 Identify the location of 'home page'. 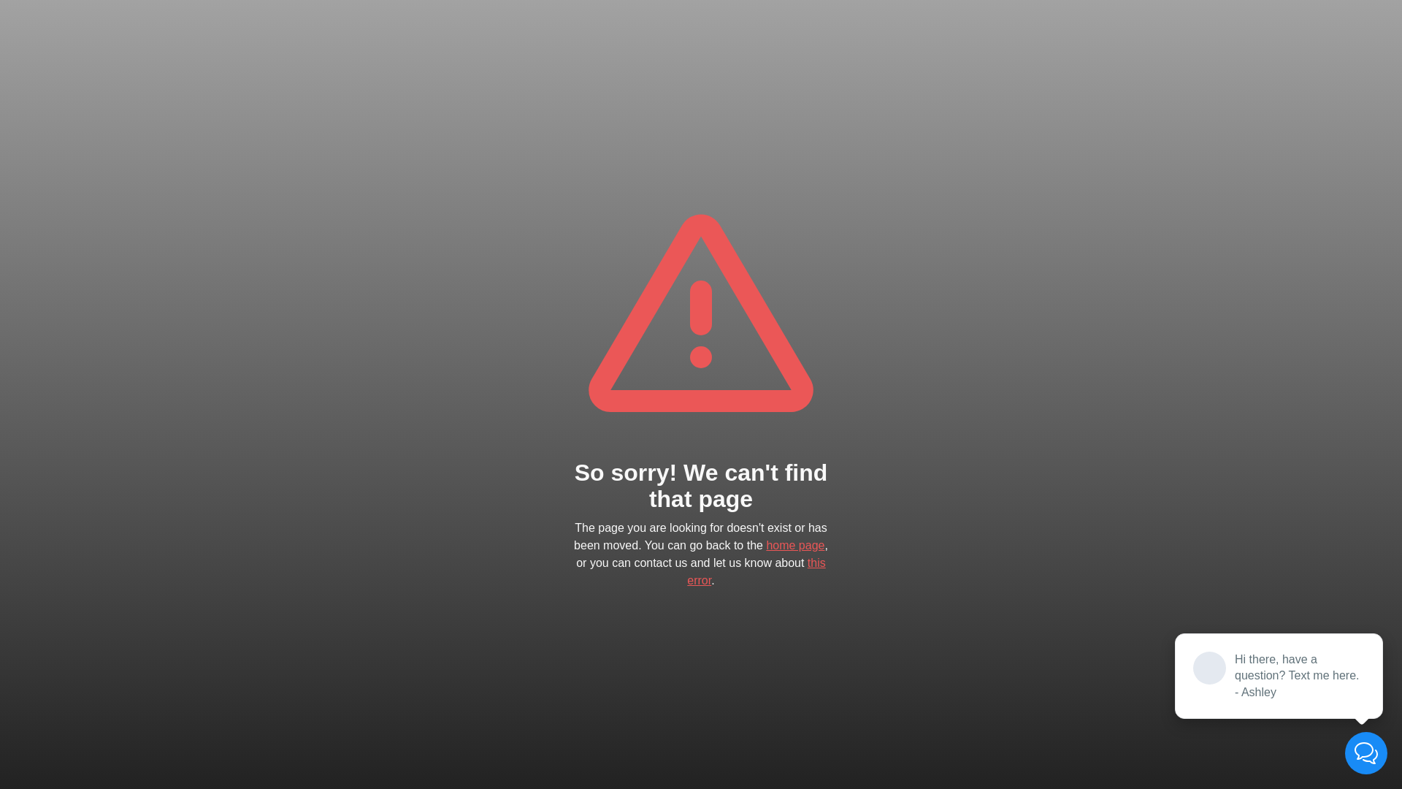
(794, 545).